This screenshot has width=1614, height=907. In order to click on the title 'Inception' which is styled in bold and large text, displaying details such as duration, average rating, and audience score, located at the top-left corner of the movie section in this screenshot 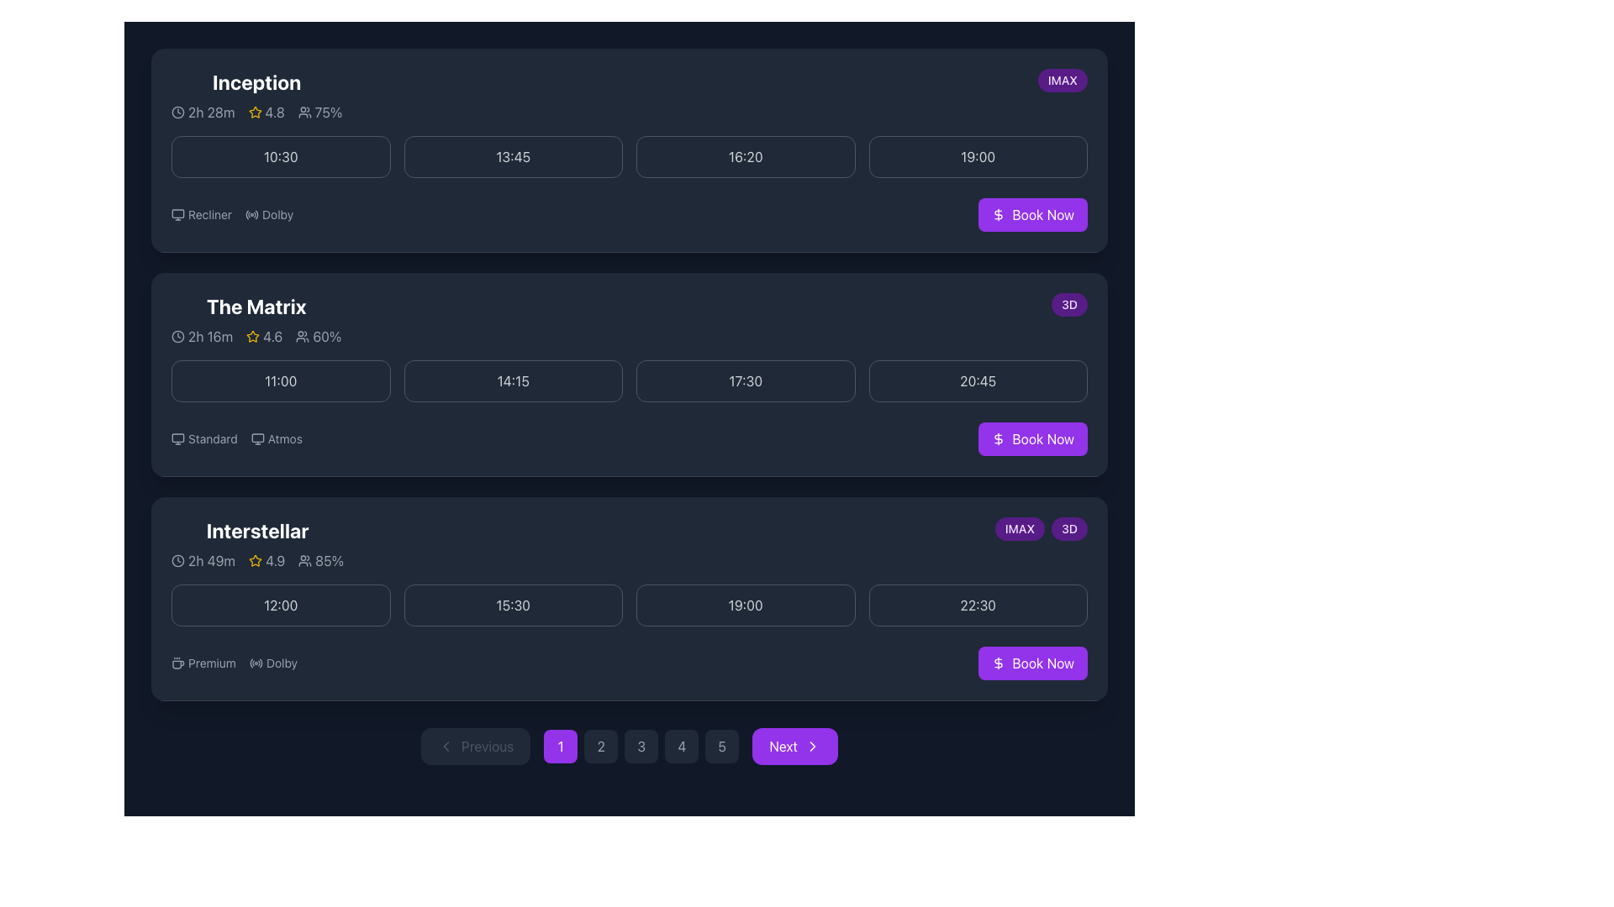, I will do `click(256, 96)`.